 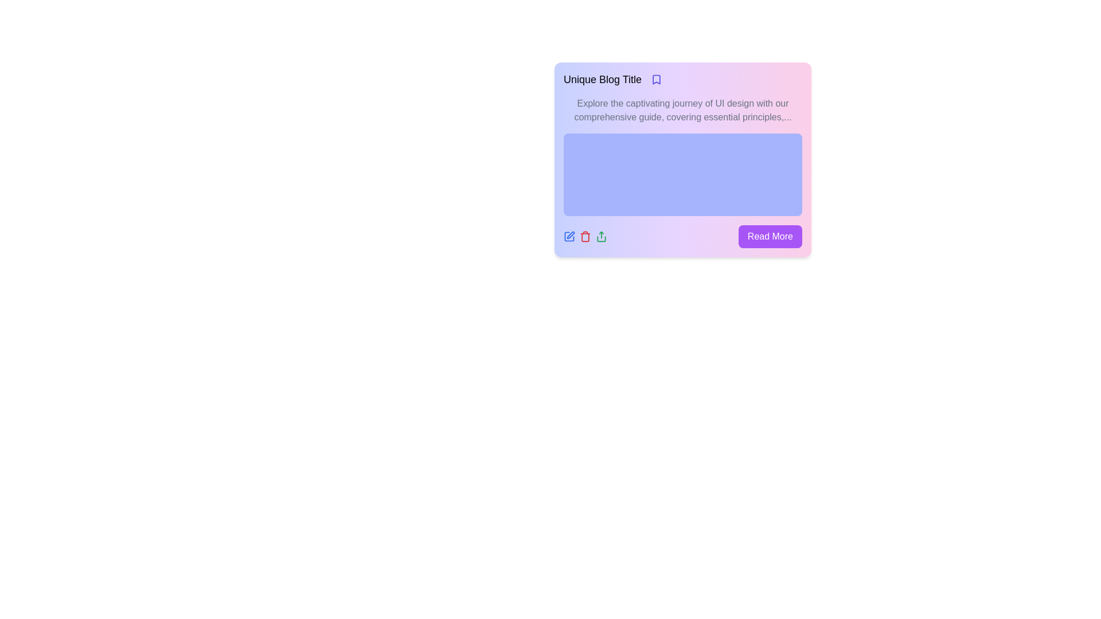 What do you see at coordinates (569, 236) in the screenshot?
I see `the edit icon, which is an outlined square with a stylized pen overlay, located at the bottom left corner of the card component` at bounding box center [569, 236].